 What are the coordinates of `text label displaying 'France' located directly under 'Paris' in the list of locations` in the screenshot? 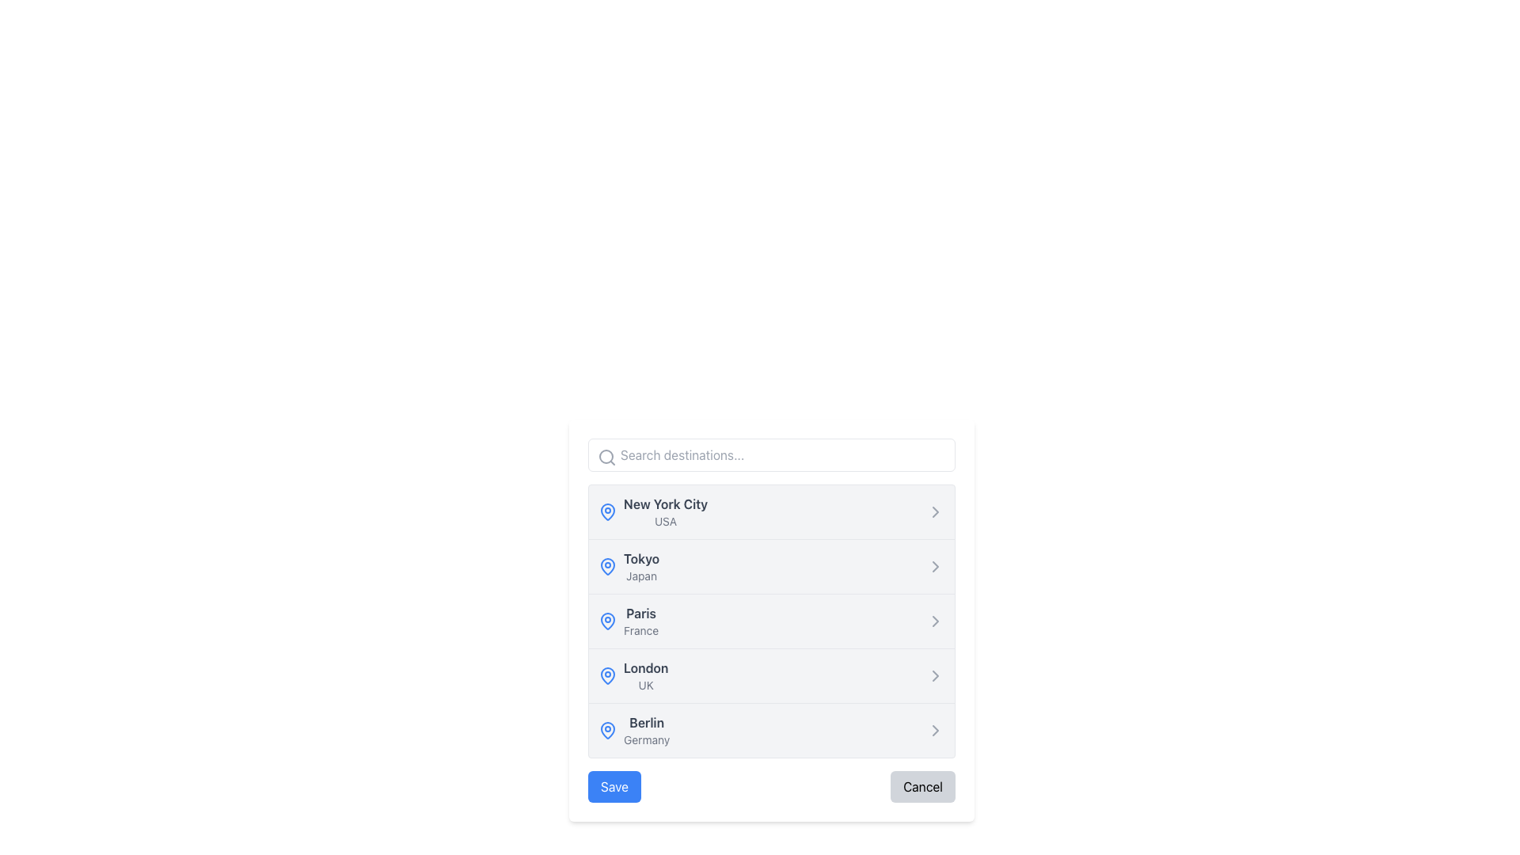 It's located at (641, 630).